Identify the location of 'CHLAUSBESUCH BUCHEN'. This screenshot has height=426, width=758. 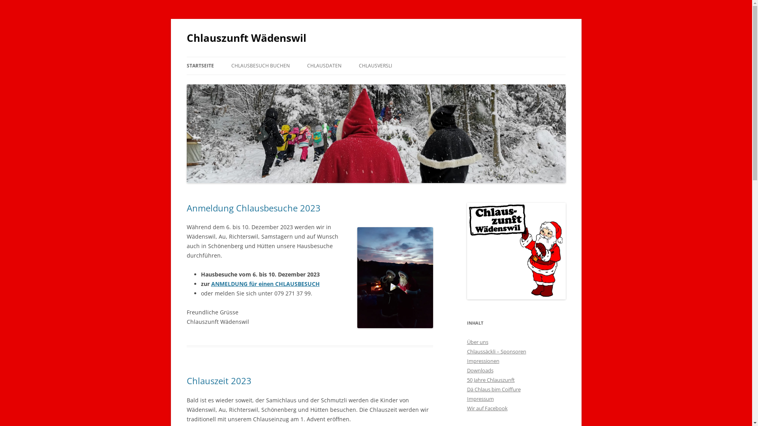
(261, 65).